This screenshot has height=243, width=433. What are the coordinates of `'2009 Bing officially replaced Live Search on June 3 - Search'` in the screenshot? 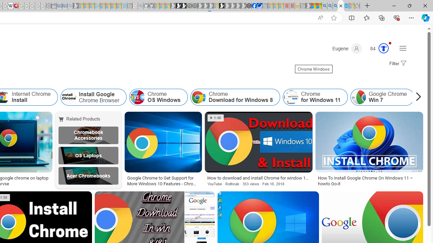 It's located at (330, 6).